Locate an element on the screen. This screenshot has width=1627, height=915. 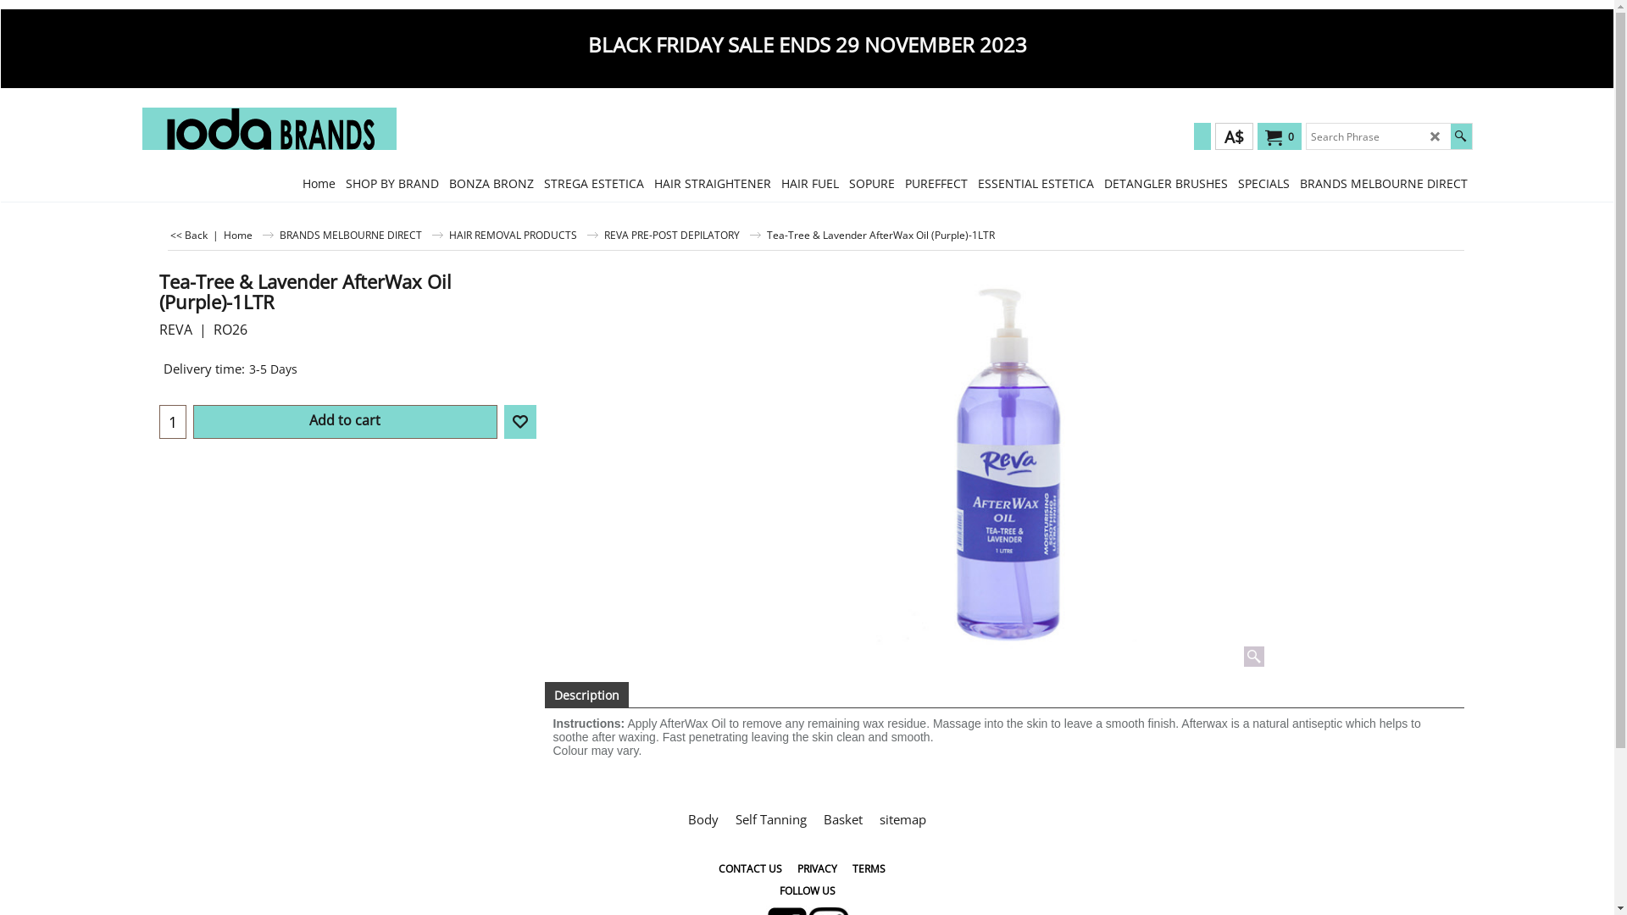
'BONZA BRONZ' is located at coordinates (491, 182).